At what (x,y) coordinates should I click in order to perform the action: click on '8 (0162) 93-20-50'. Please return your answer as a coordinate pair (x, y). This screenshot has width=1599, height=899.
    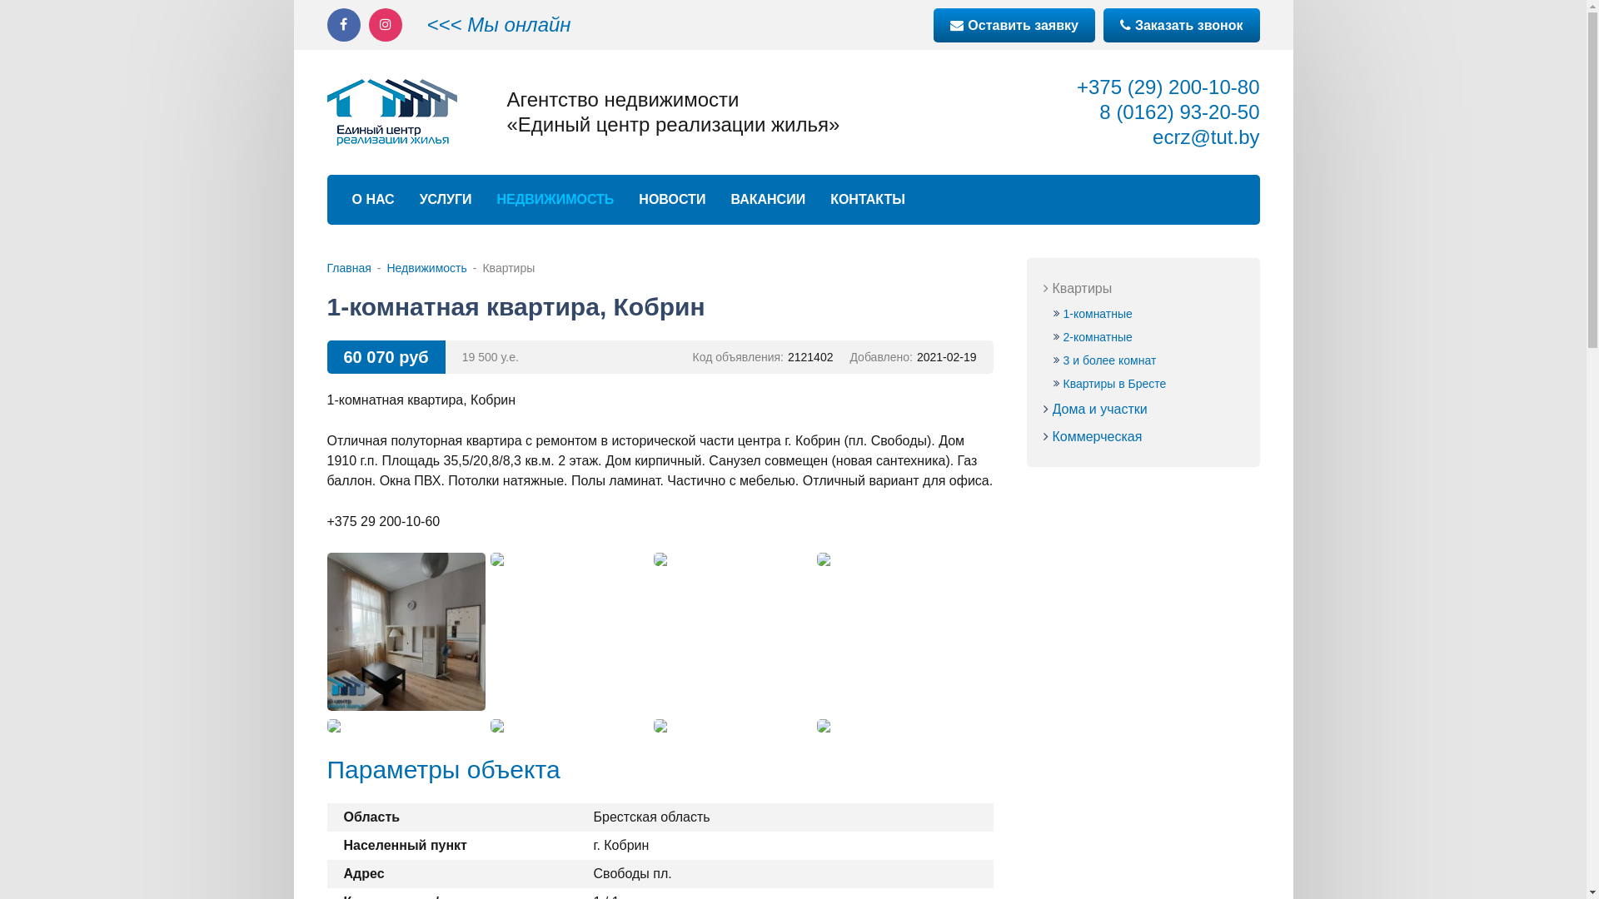
    Looking at the image, I should click on (1178, 112).